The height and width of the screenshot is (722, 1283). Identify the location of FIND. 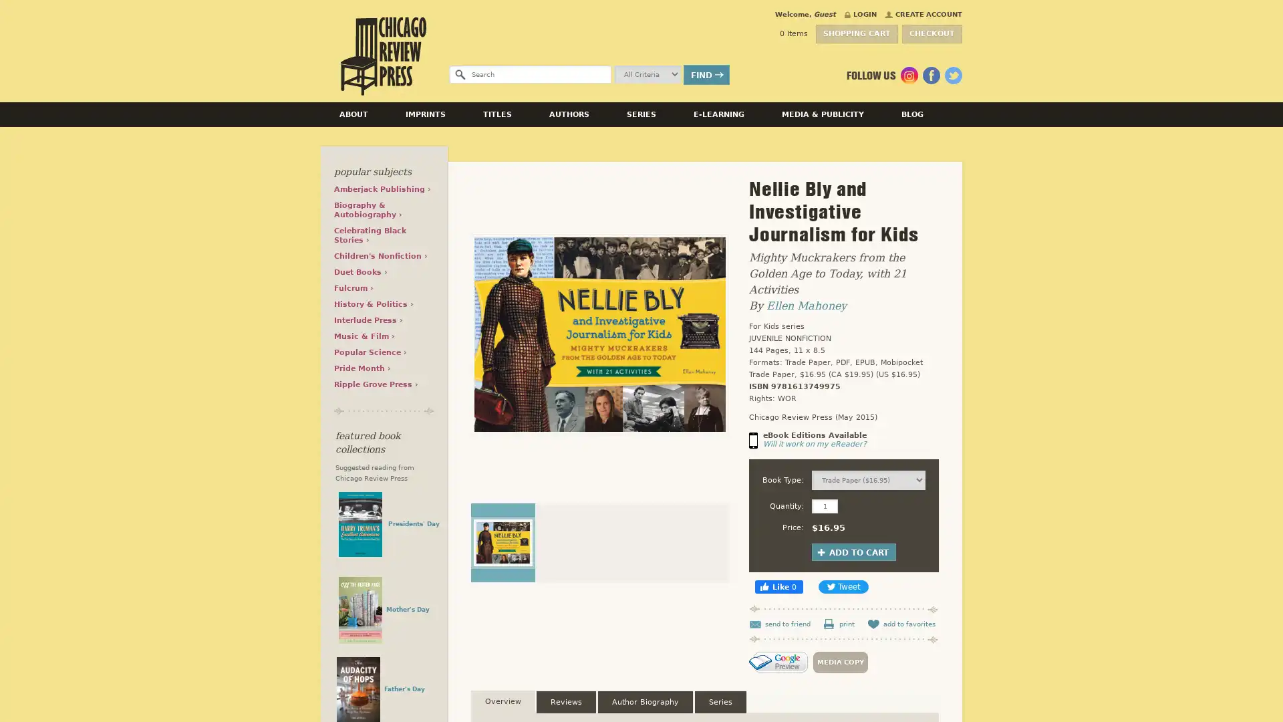
(706, 74).